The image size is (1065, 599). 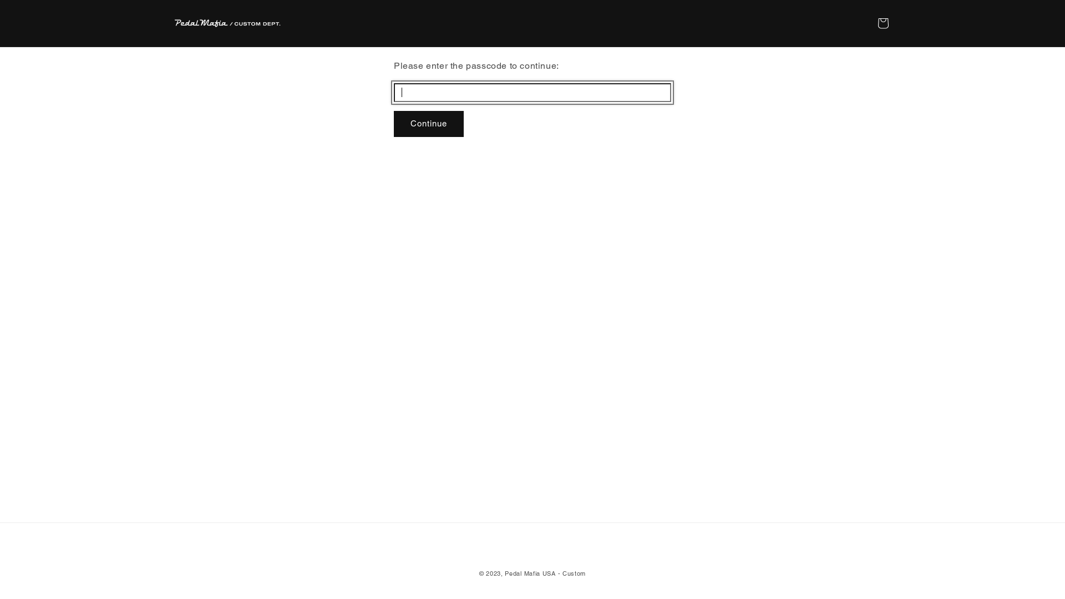 What do you see at coordinates (428, 124) in the screenshot?
I see `'Continue'` at bounding box center [428, 124].